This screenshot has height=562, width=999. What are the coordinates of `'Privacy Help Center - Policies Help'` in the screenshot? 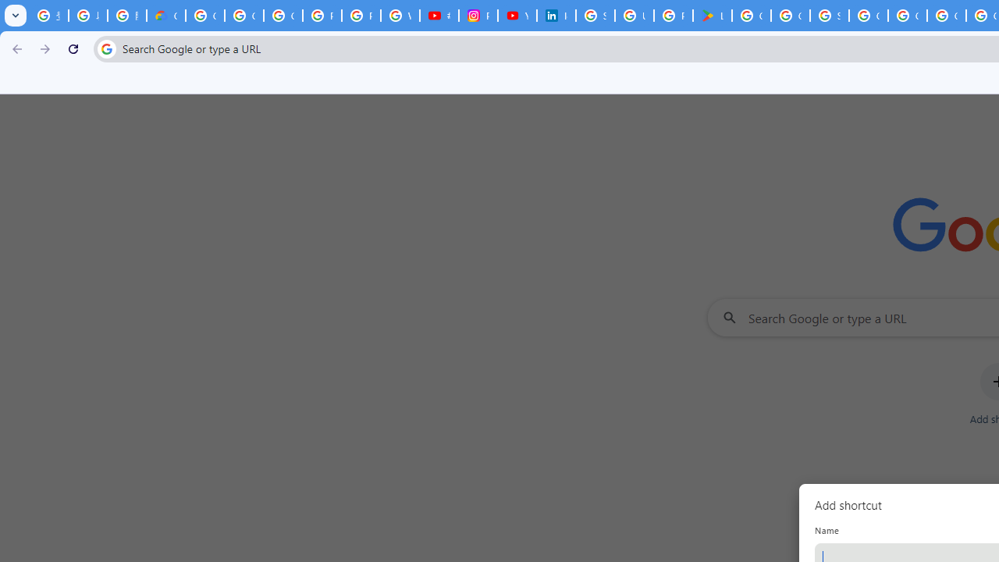 It's located at (360, 16).